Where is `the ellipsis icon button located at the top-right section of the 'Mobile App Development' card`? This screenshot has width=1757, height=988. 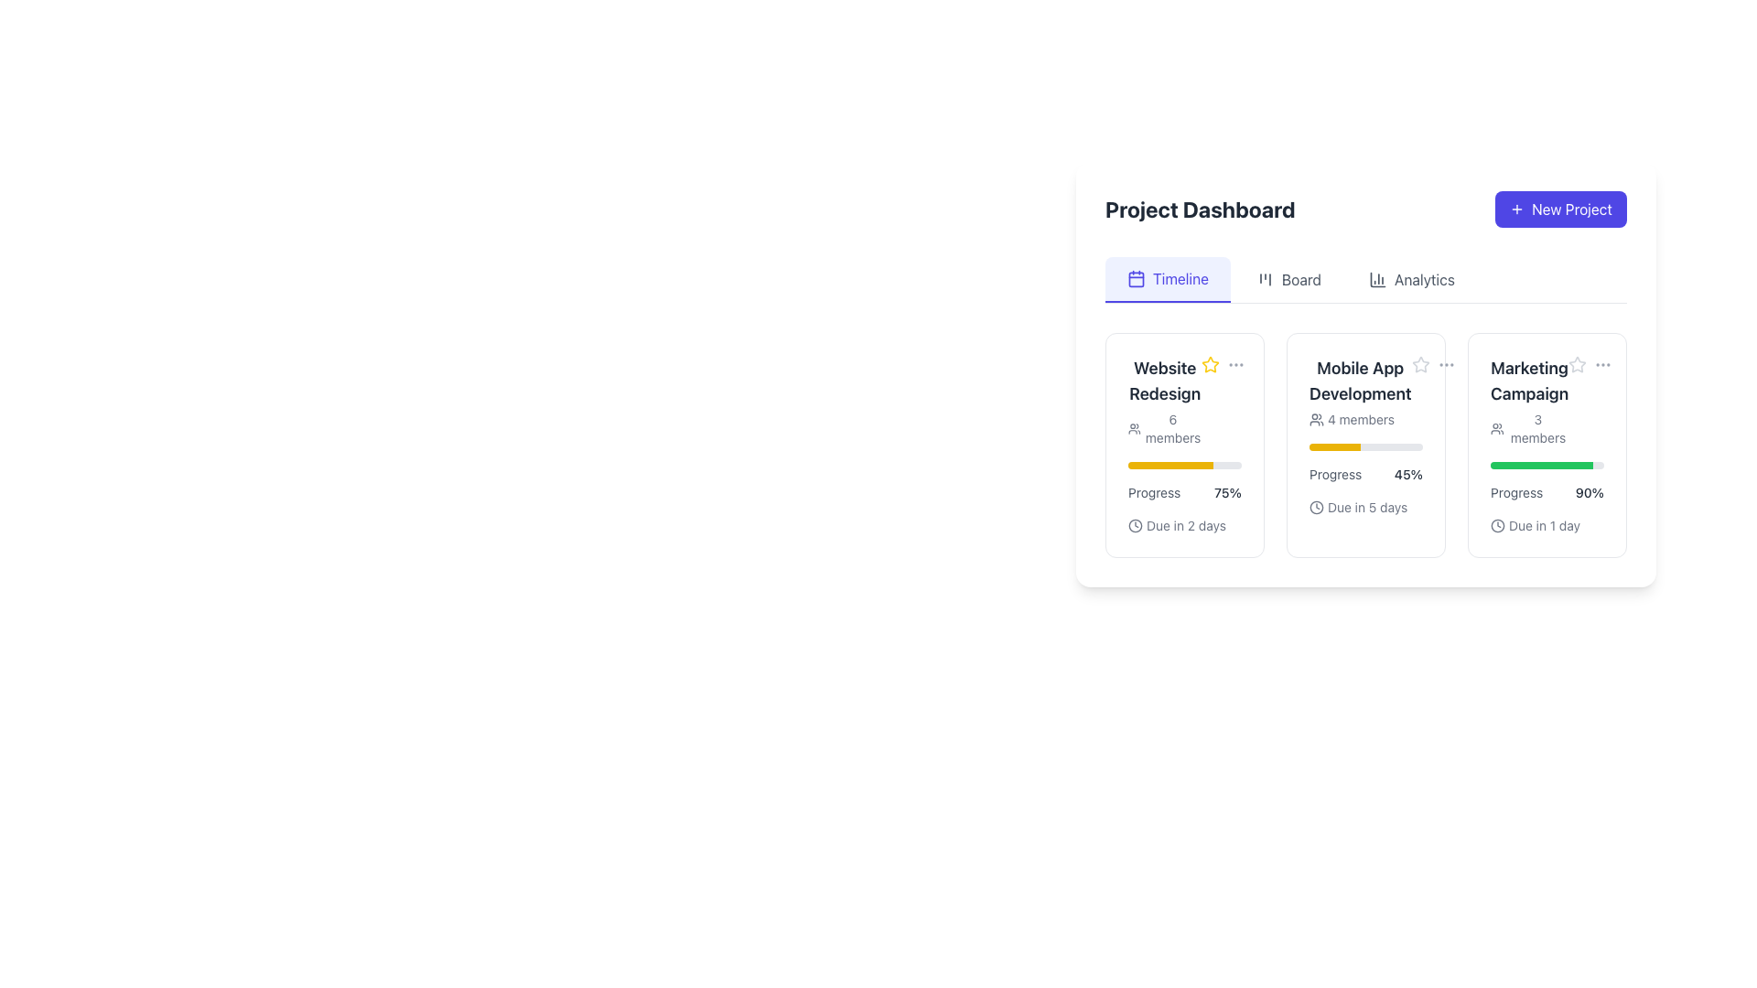 the ellipsis icon button located at the top-right section of the 'Mobile App Development' card is located at coordinates (1445, 364).